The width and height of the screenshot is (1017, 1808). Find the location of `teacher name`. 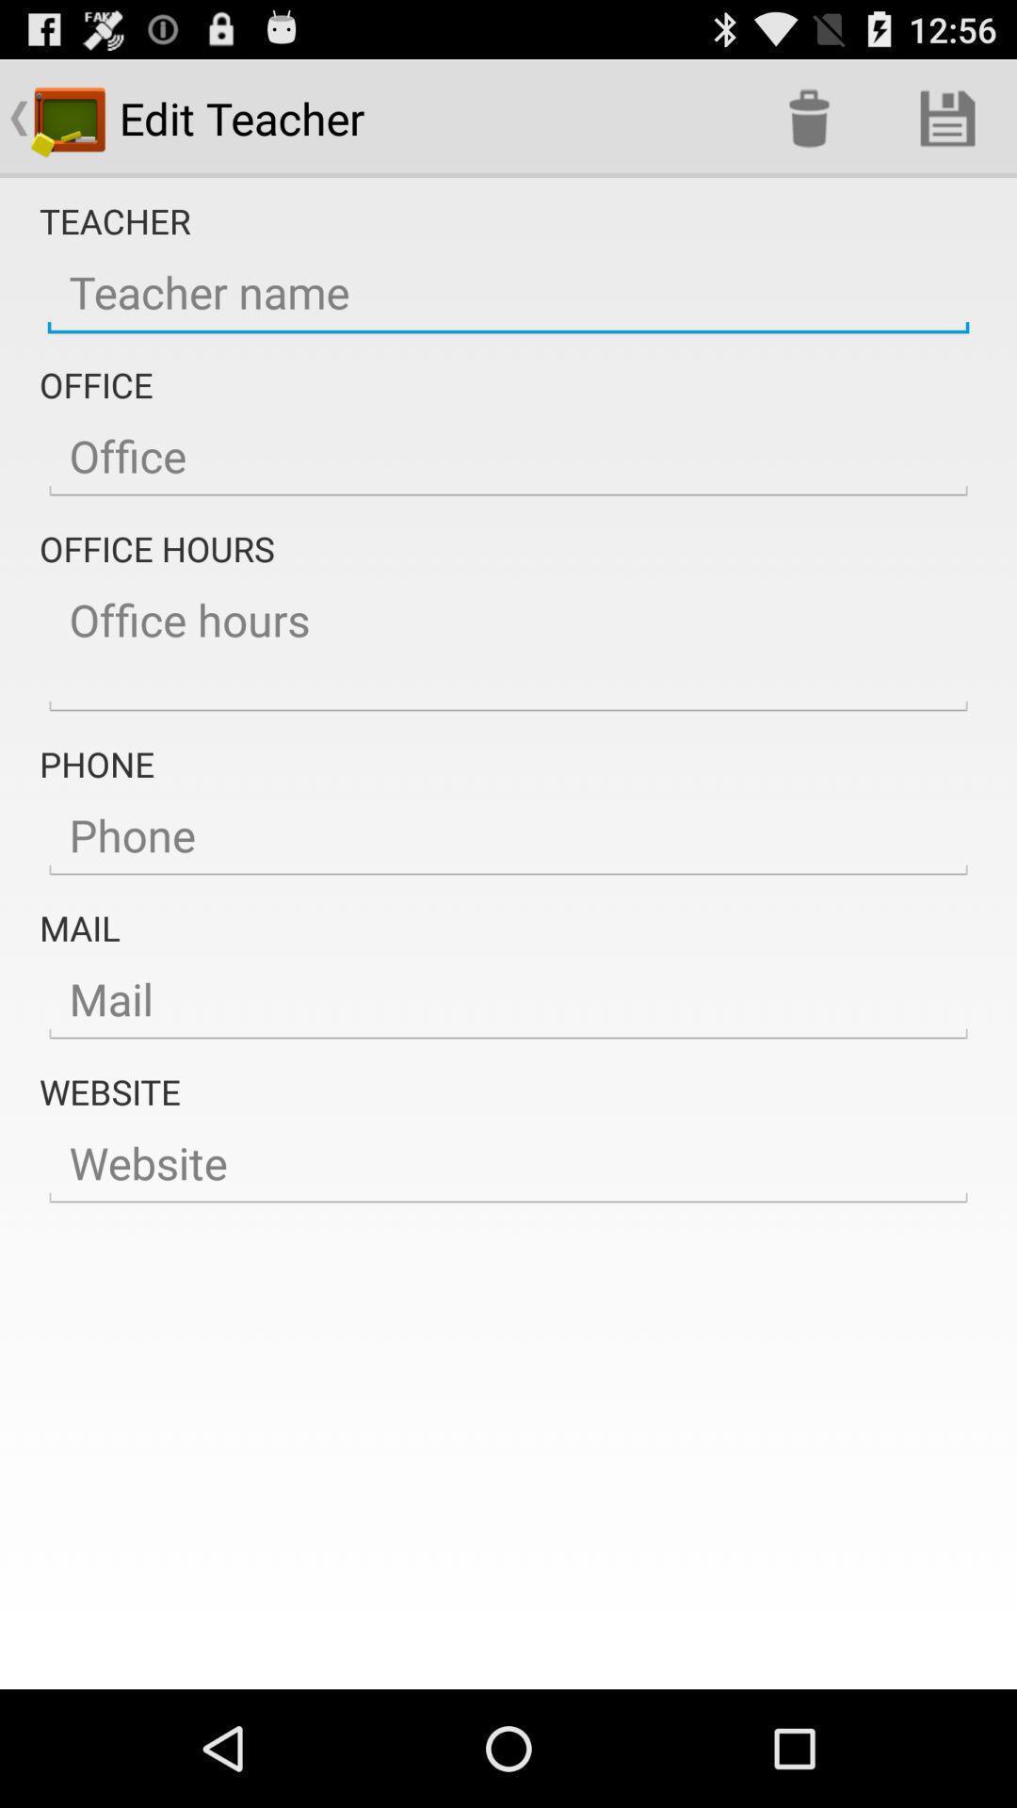

teacher name is located at coordinates (508, 292).